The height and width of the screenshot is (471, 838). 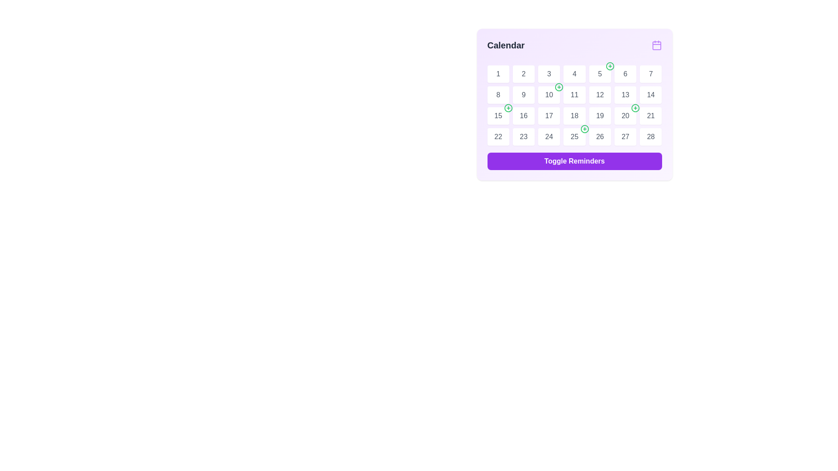 What do you see at coordinates (584, 129) in the screenshot?
I see `the add icon button located in the top-right corner of the cell labeled '25' in the calendar grid` at bounding box center [584, 129].